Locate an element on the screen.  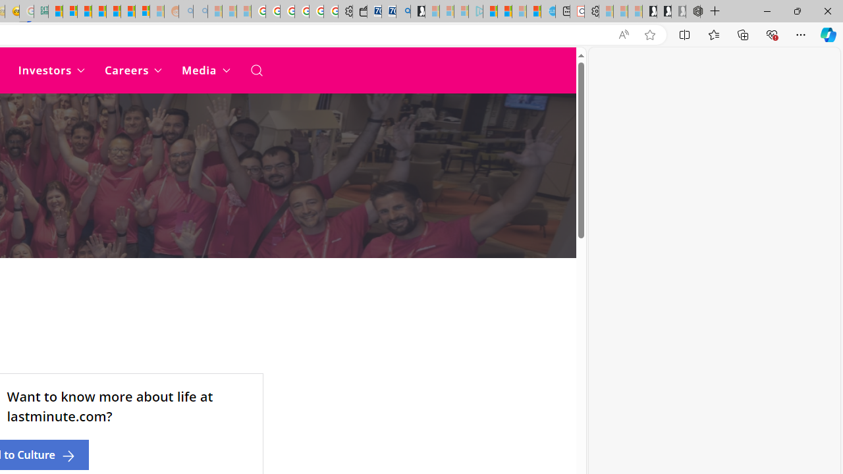
'Investors' is located at coordinates (51, 70).